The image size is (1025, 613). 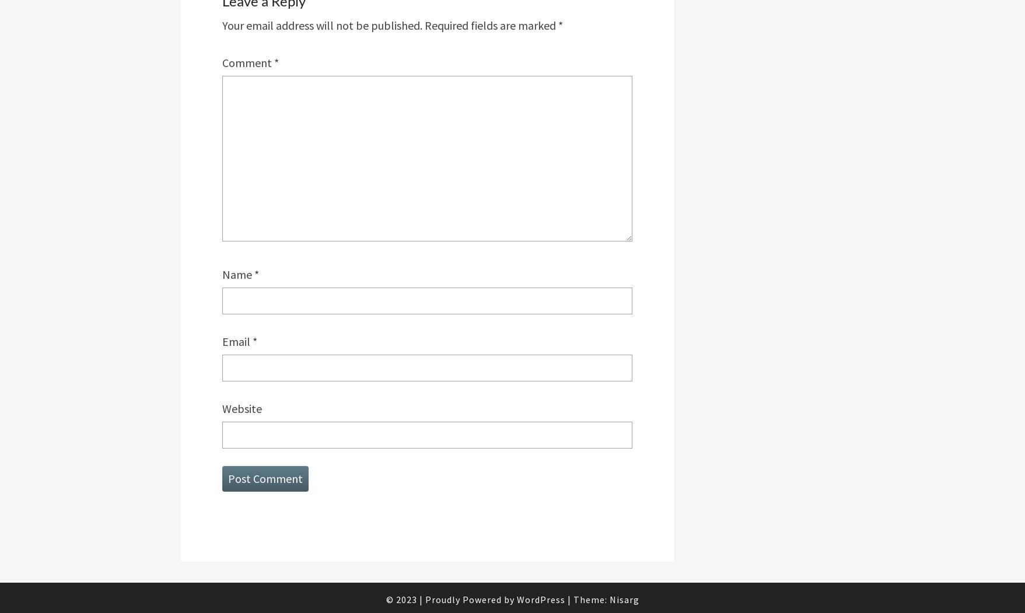 What do you see at coordinates (247, 62) in the screenshot?
I see `'Comment'` at bounding box center [247, 62].